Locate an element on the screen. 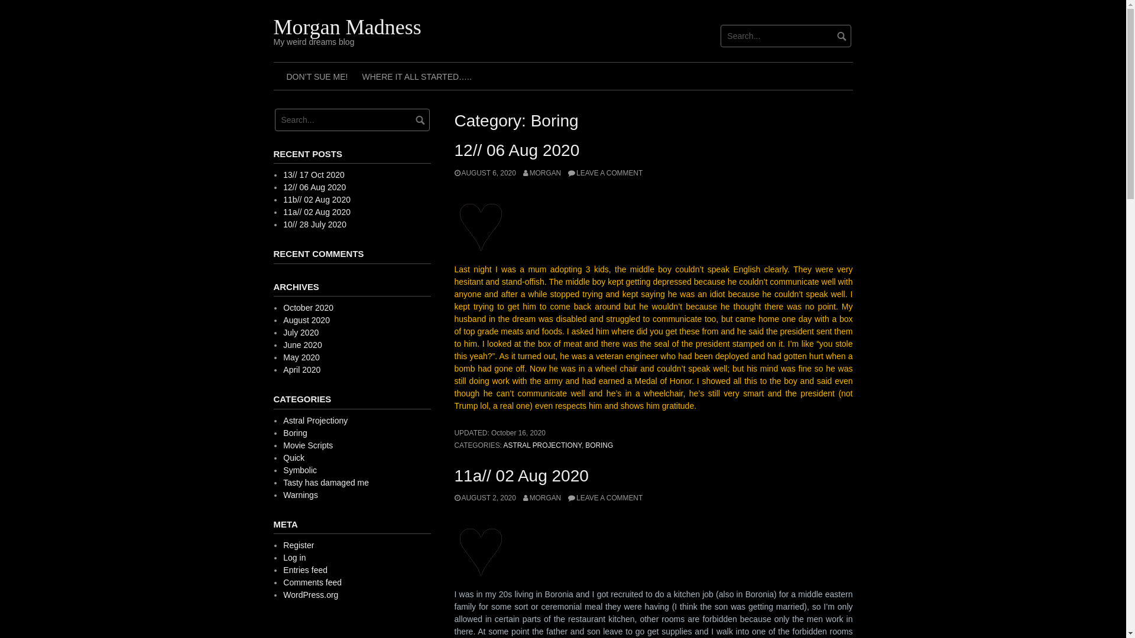  '11b// 02 Aug 2020' is located at coordinates (317, 199).